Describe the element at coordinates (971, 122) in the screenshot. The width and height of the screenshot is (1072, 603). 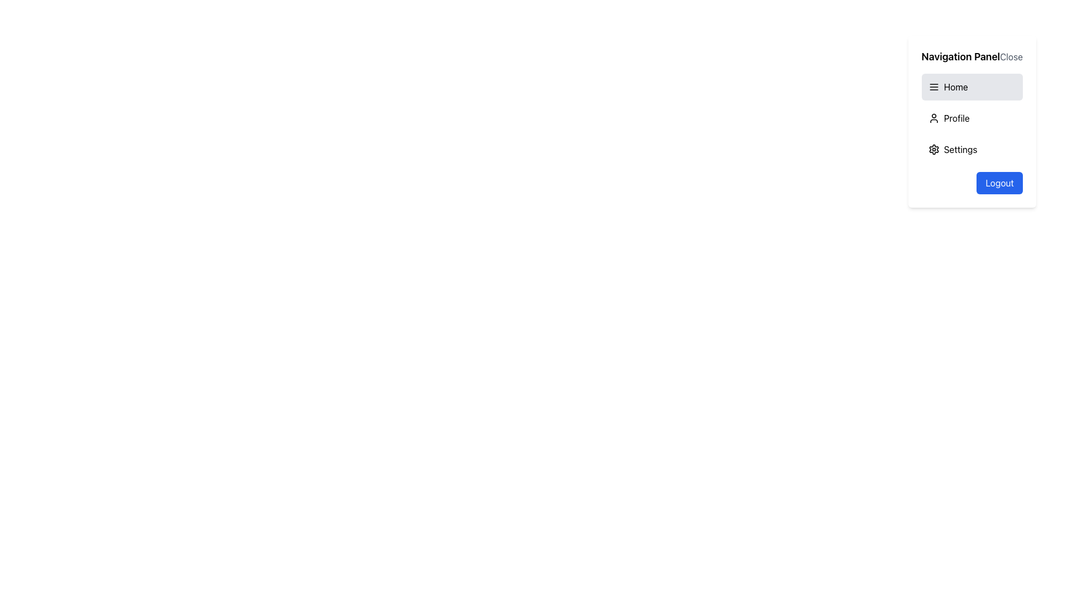
I see `the items in the vertically oriented Dropdown Navigation Panel located at the top-right corner` at that location.